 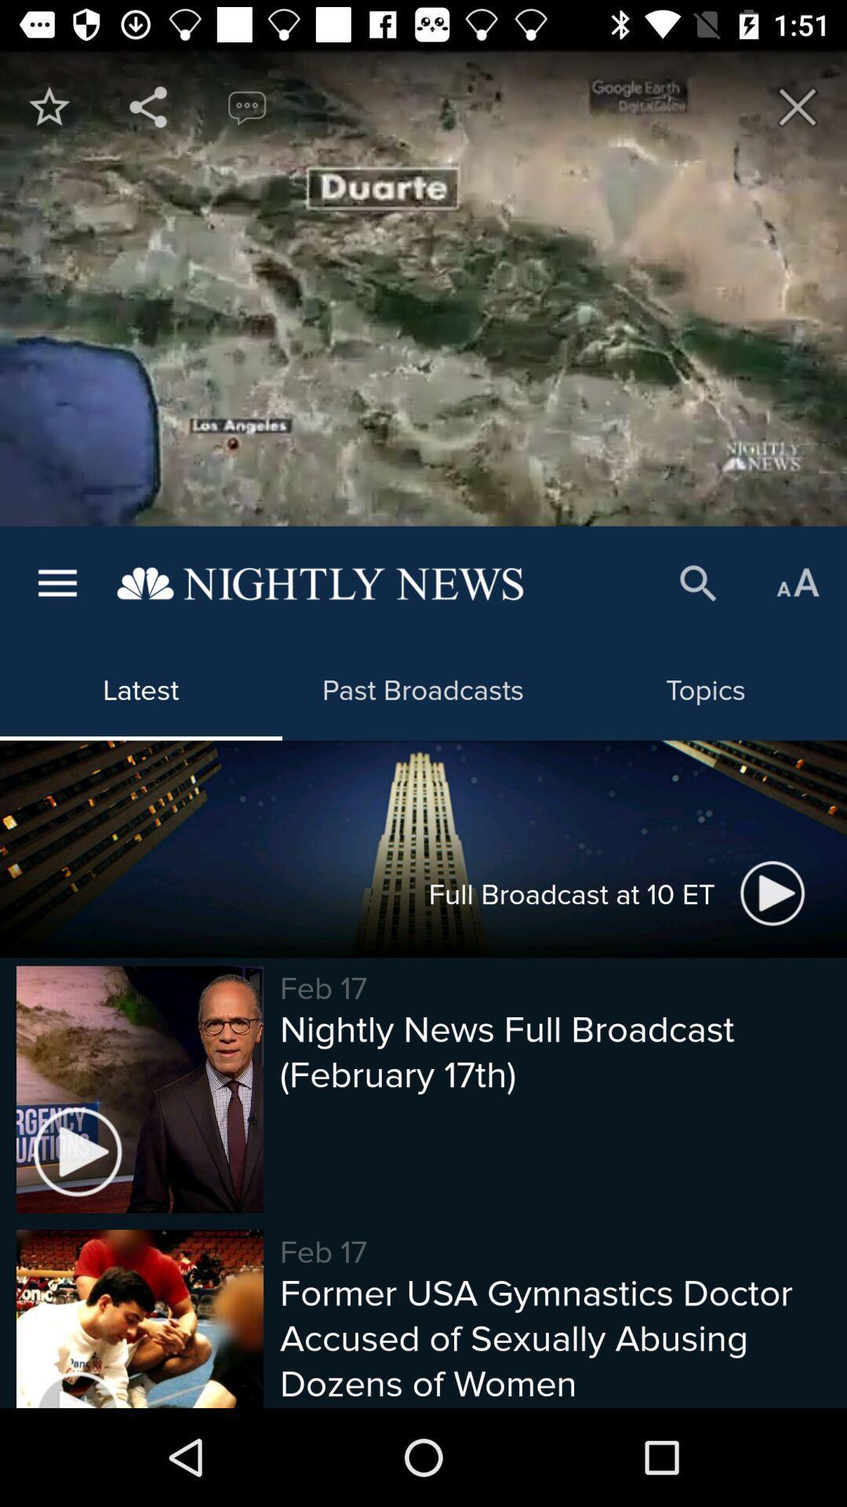 I want to click on nightly news, so click(x=48, y=106).